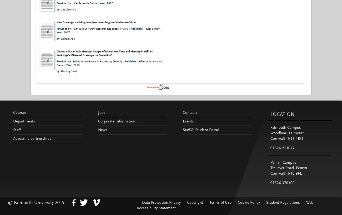 This screenshot has height=215, width=342. I want to click on 'Jobs', so click(101, 112).